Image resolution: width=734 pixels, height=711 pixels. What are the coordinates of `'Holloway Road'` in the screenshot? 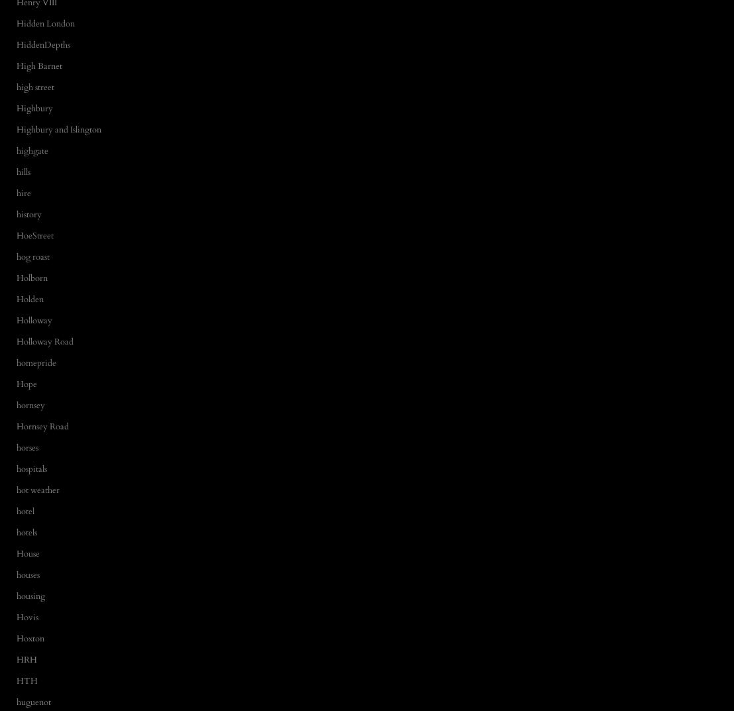 It's located at (44, 341).